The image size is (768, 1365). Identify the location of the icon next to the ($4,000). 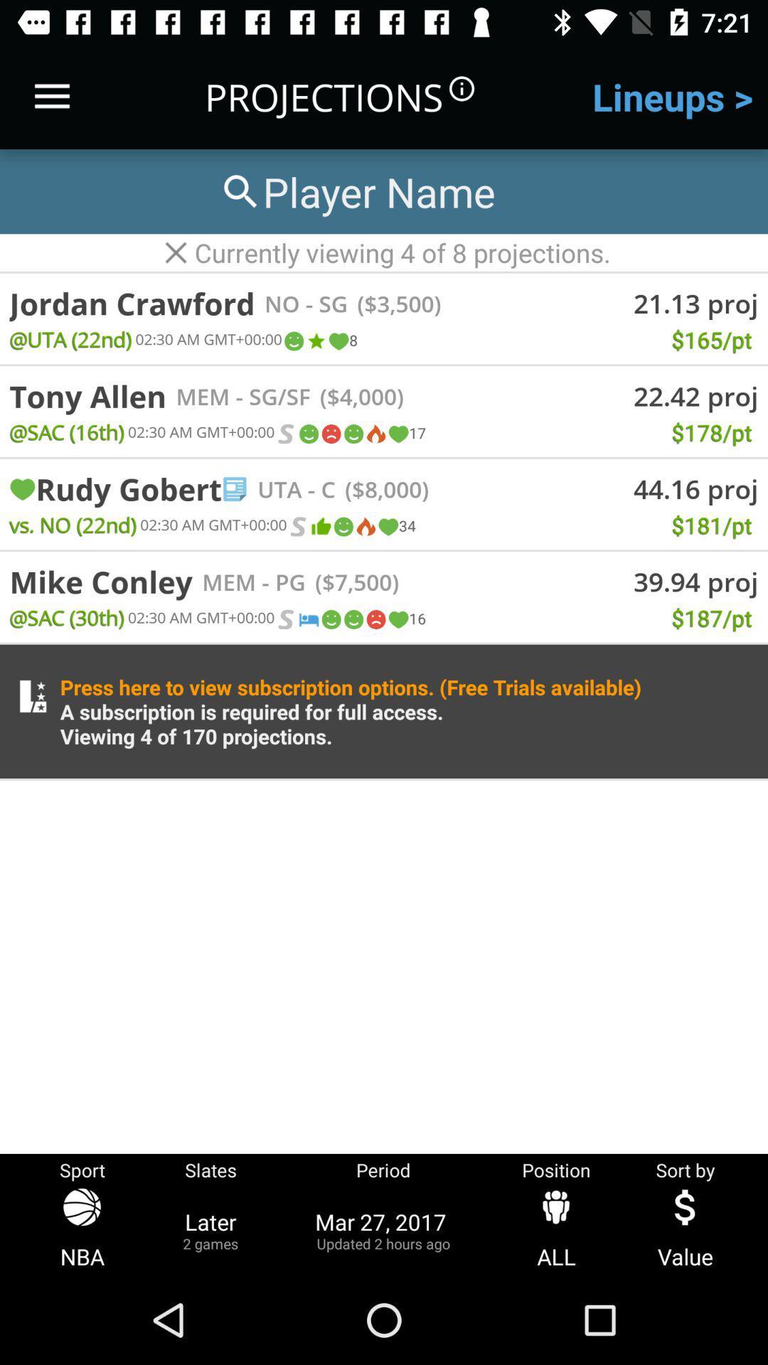
(270, 396).